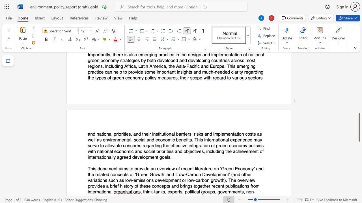  Describe the element at coordinates (359, 87) in the screenshot. I see `the scrollbar to adjust the page upward` at that location.